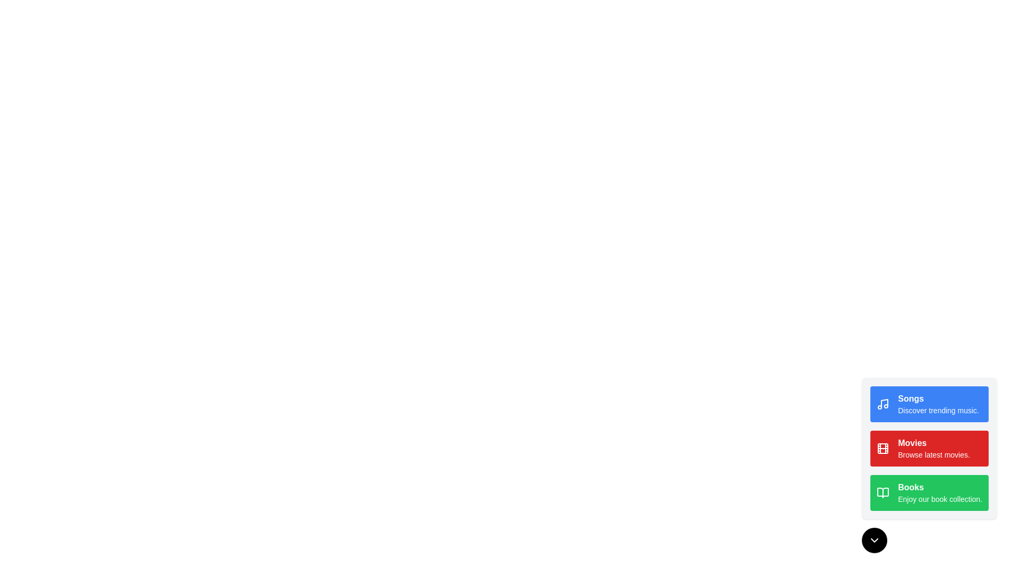 This screenshot has width=1014, height=570. What do you see at coordinates (929, 448) in the screenshot?
I see `the Movies option from the speed dial menu` at bounding box center [929, 448].